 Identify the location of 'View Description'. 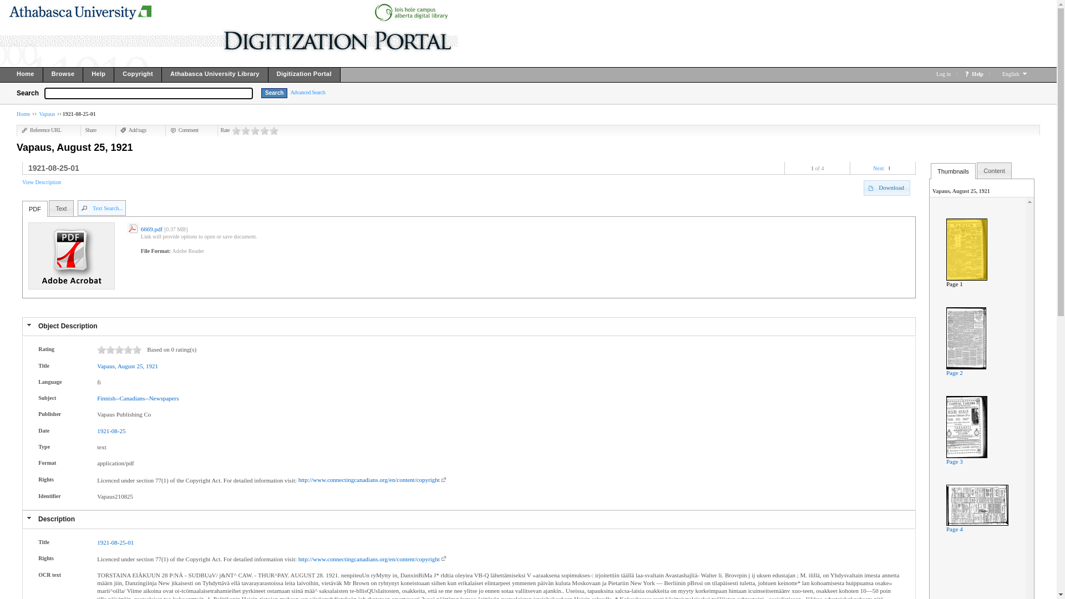
(42, 181).